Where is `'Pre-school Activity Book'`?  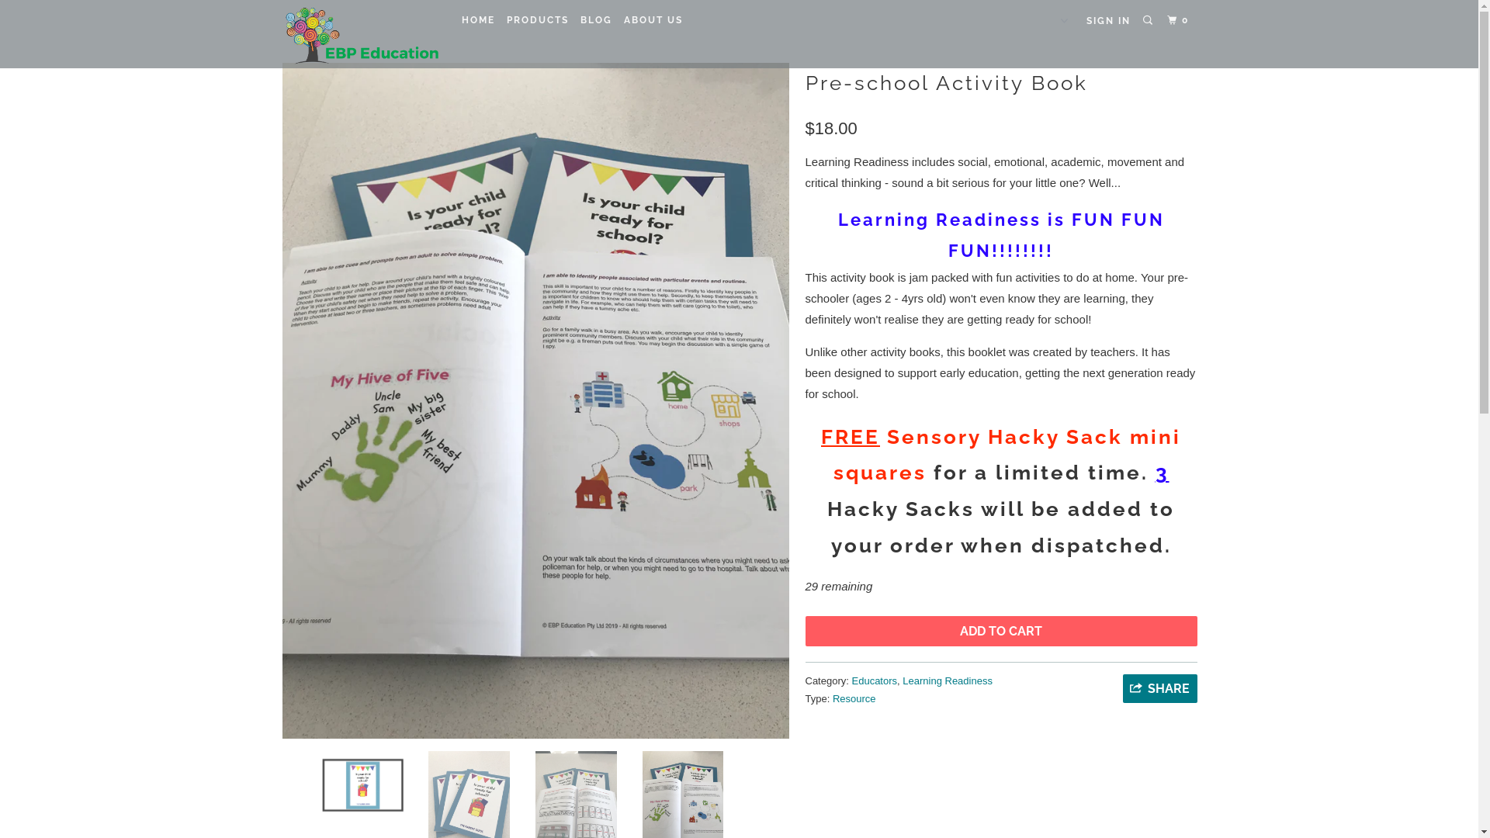
'Pre-school Activity Book' is located at coordinates (535, 400).